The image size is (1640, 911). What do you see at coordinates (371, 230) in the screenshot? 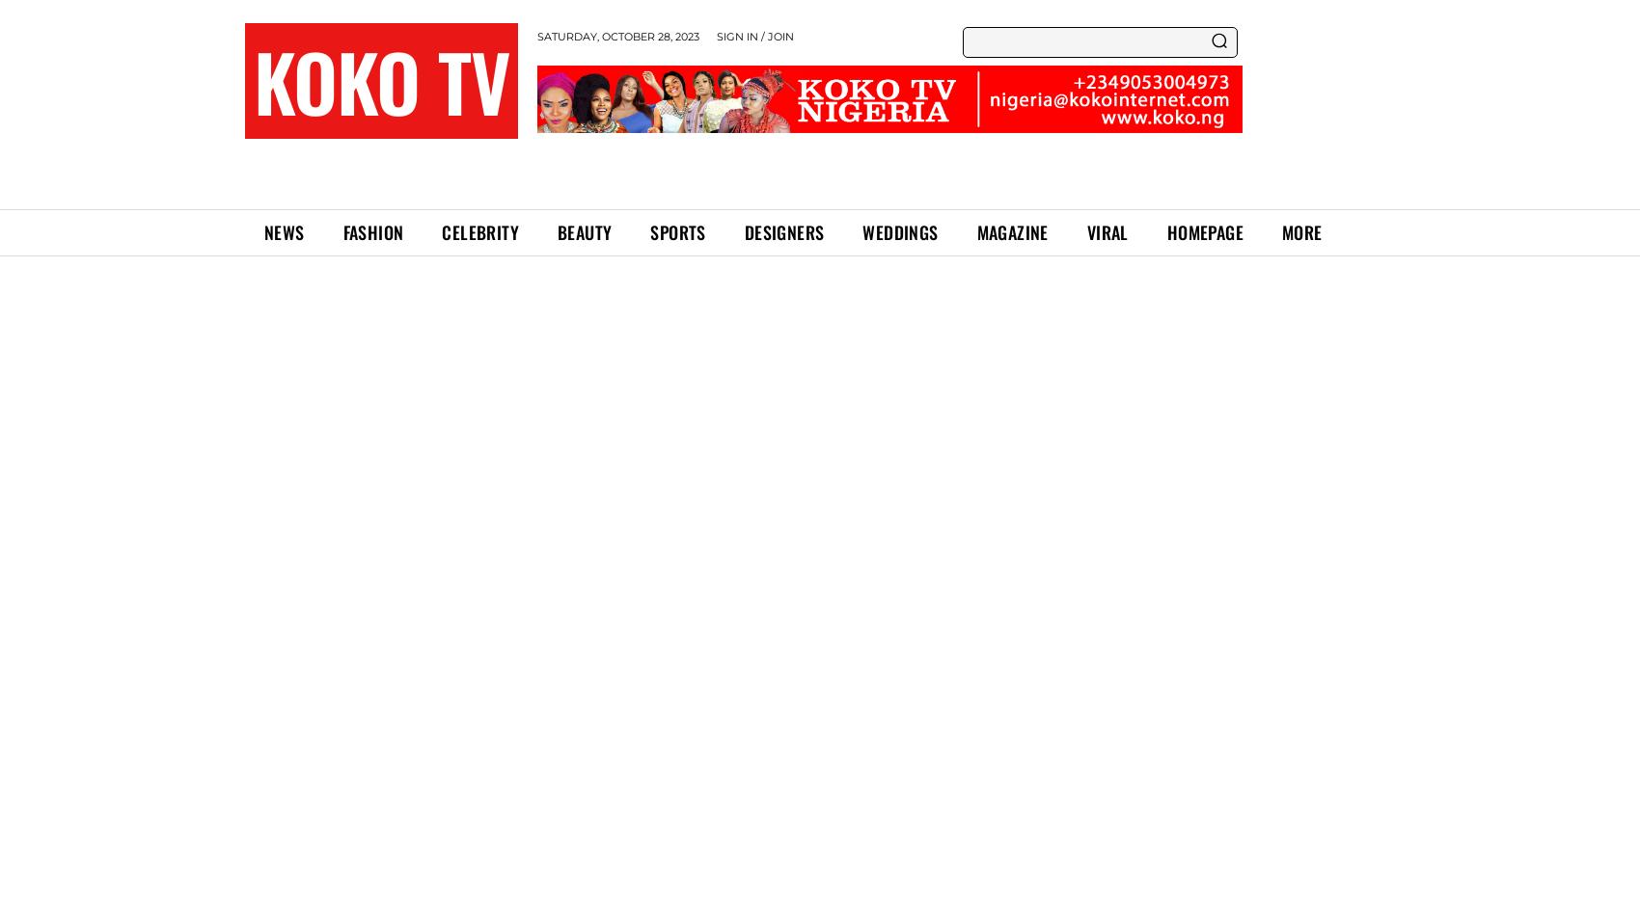
I see `'FASHION'` at bounding box center [371, 230].